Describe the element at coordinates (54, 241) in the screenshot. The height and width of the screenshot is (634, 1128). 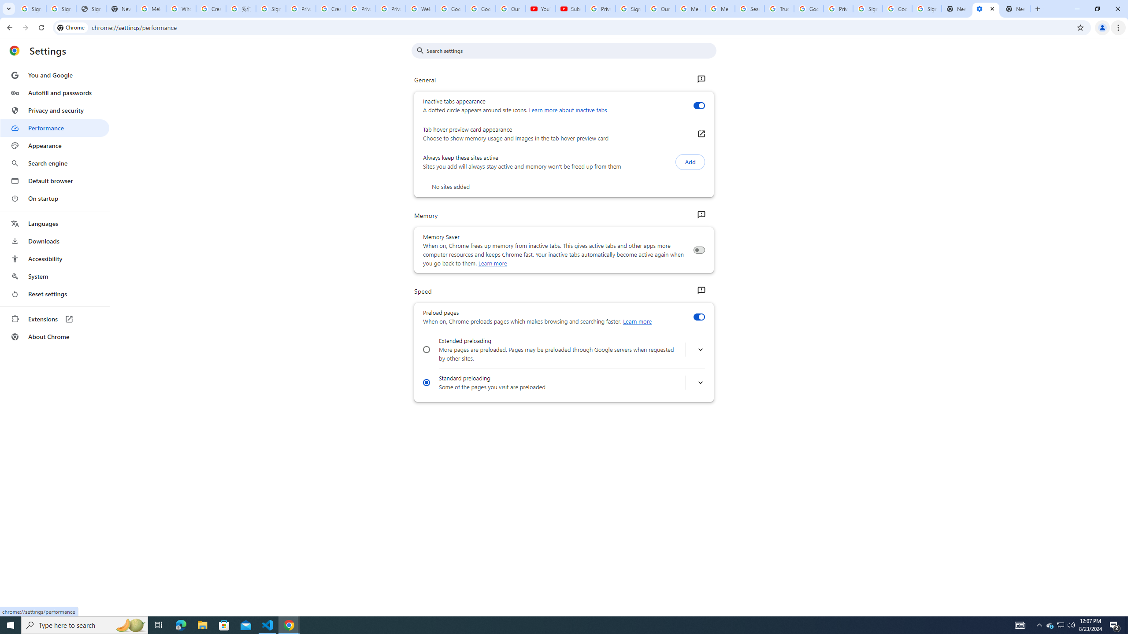
I see `'Downloads'` at that location.